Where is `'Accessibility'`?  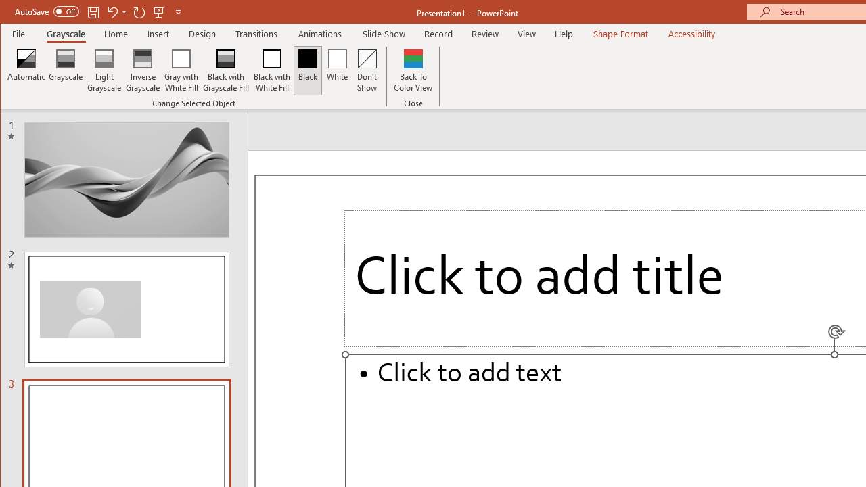
'Accessibility' is located at coordinates (692, 33).